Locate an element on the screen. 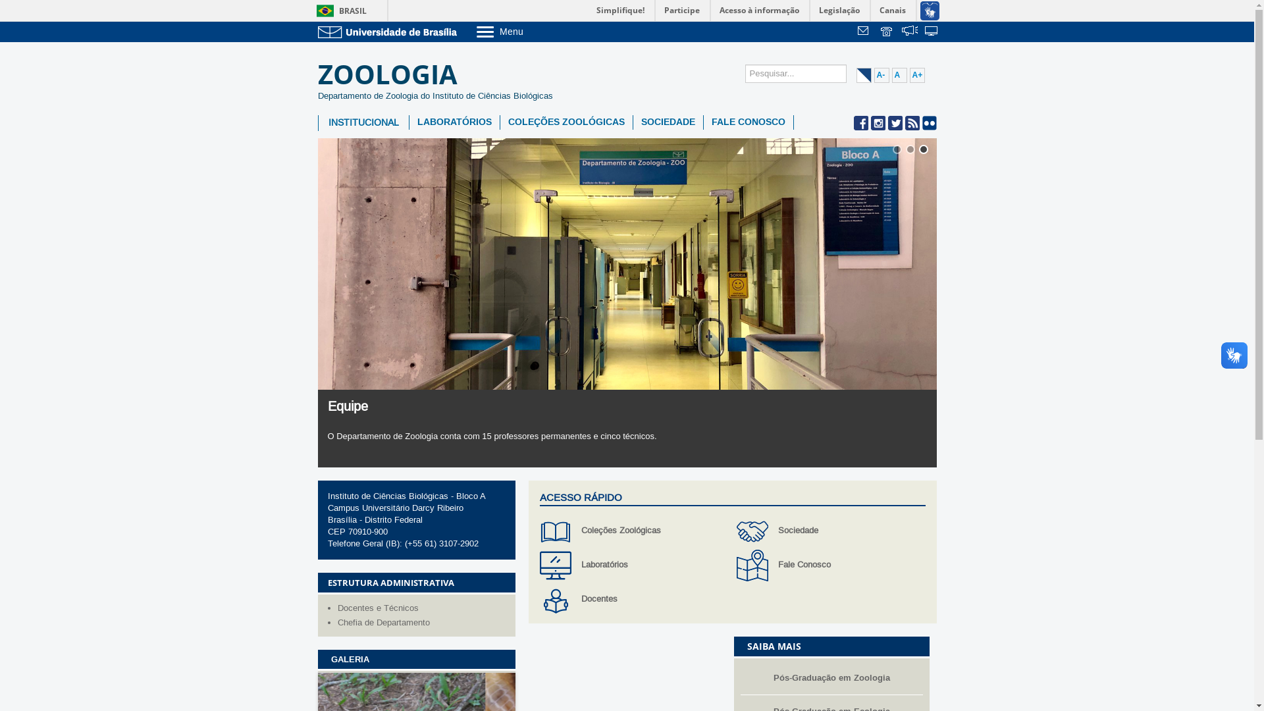 The image size is (1264, 711). 'Fala.BR' is located at coordinates (909, 32).